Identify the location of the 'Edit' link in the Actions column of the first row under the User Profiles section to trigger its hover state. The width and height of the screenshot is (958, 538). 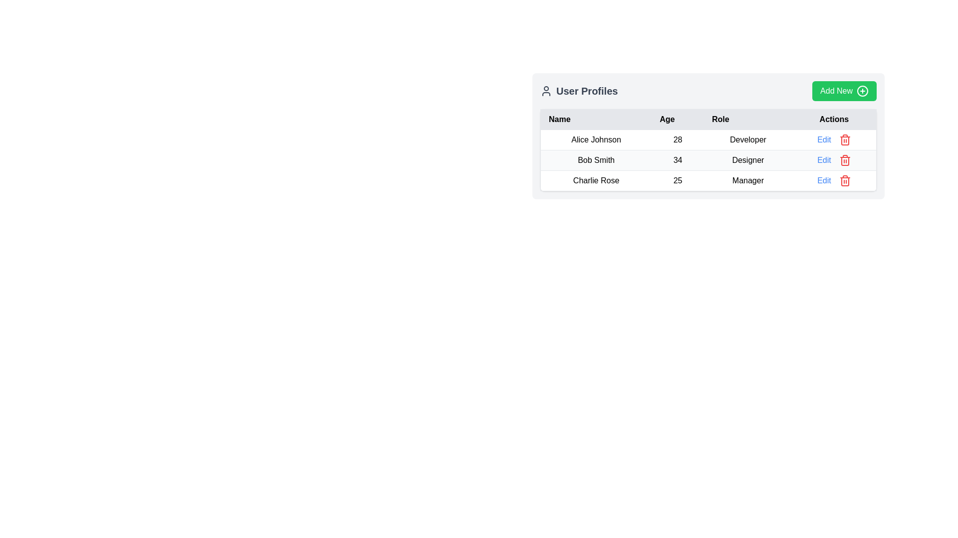
(834, 140).